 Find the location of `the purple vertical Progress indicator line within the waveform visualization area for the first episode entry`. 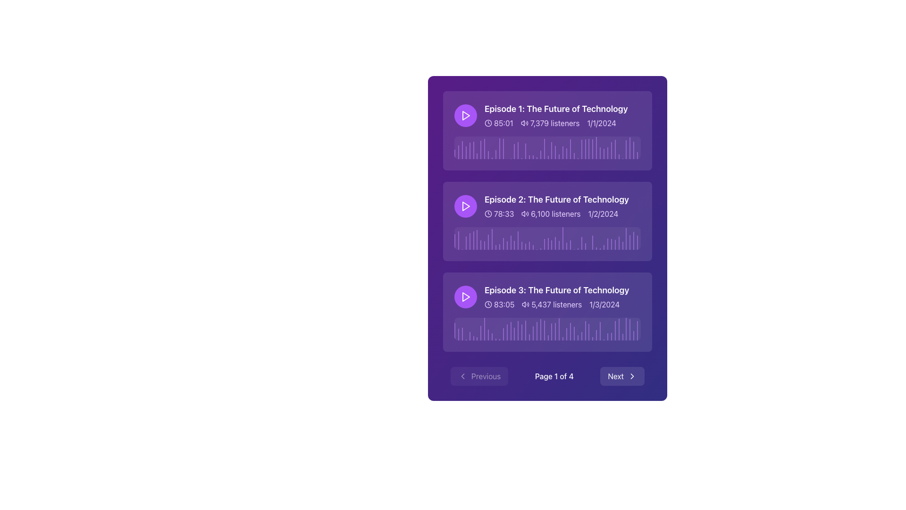

the purple vertical Progress indicator line within the waveform visualization area for the first episode entry is located at coordinates (525, 151).